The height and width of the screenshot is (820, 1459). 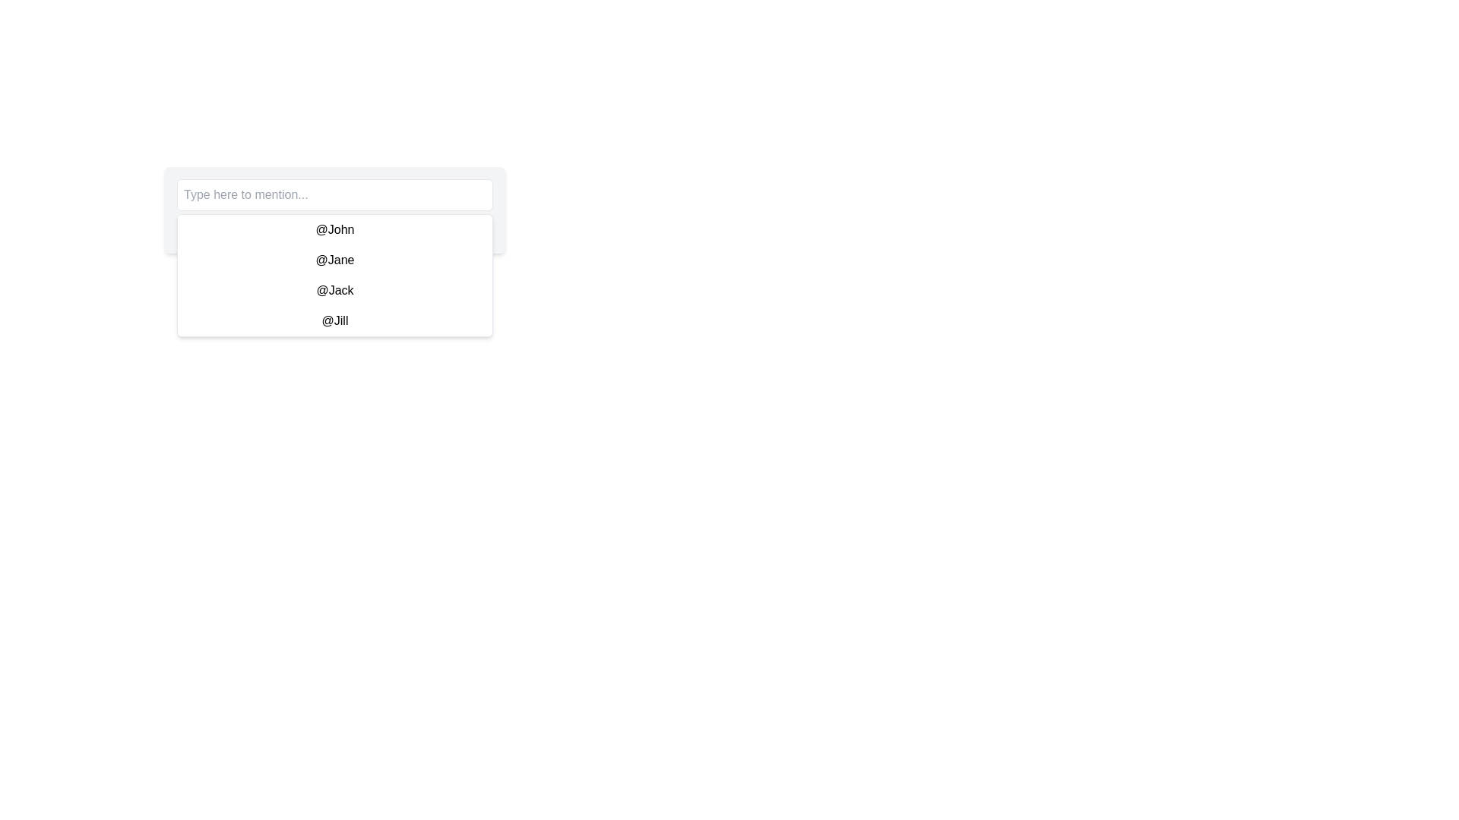 What do you see at coordinates (334, 290) in the screenshot?
I see `the third entry in the dropdown menu` at bounding box center [334, 290].